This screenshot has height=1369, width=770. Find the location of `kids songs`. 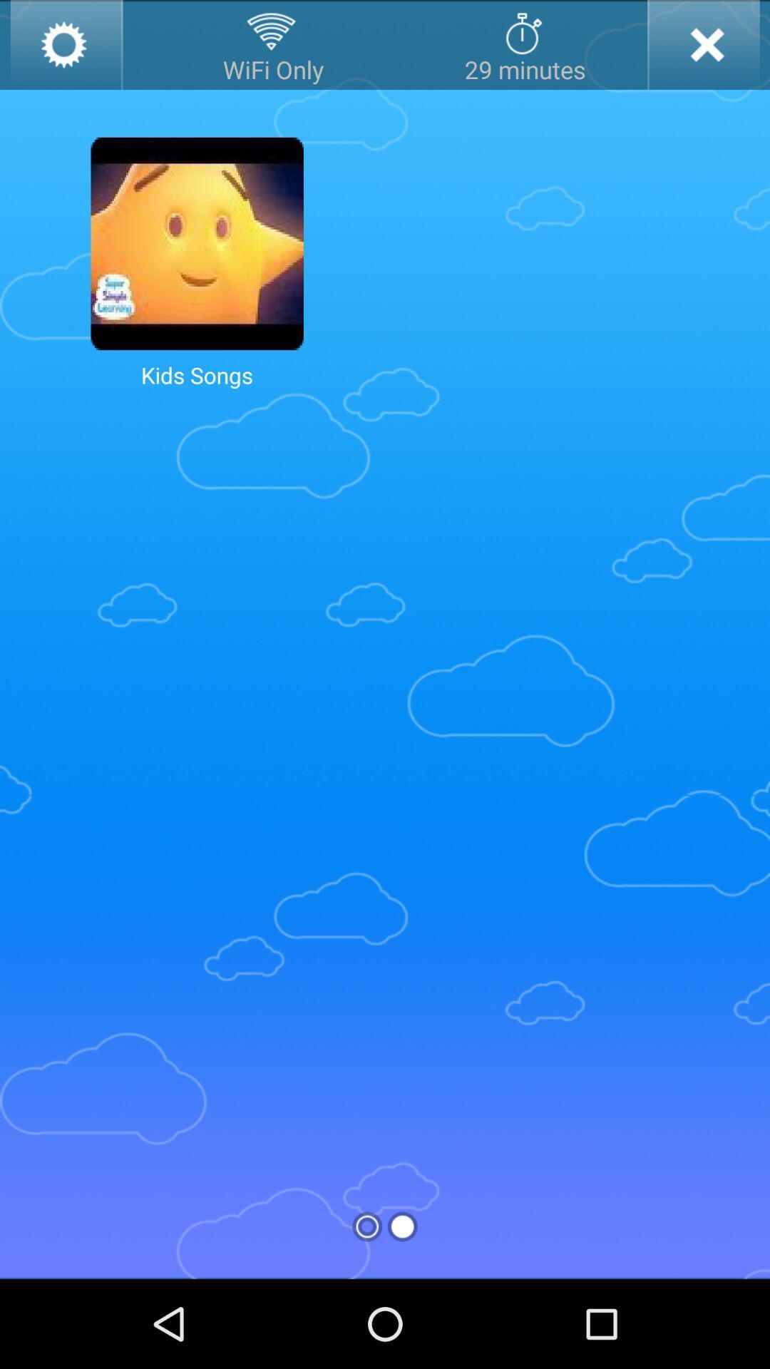

kids songs is located at coordinates (197, 243).